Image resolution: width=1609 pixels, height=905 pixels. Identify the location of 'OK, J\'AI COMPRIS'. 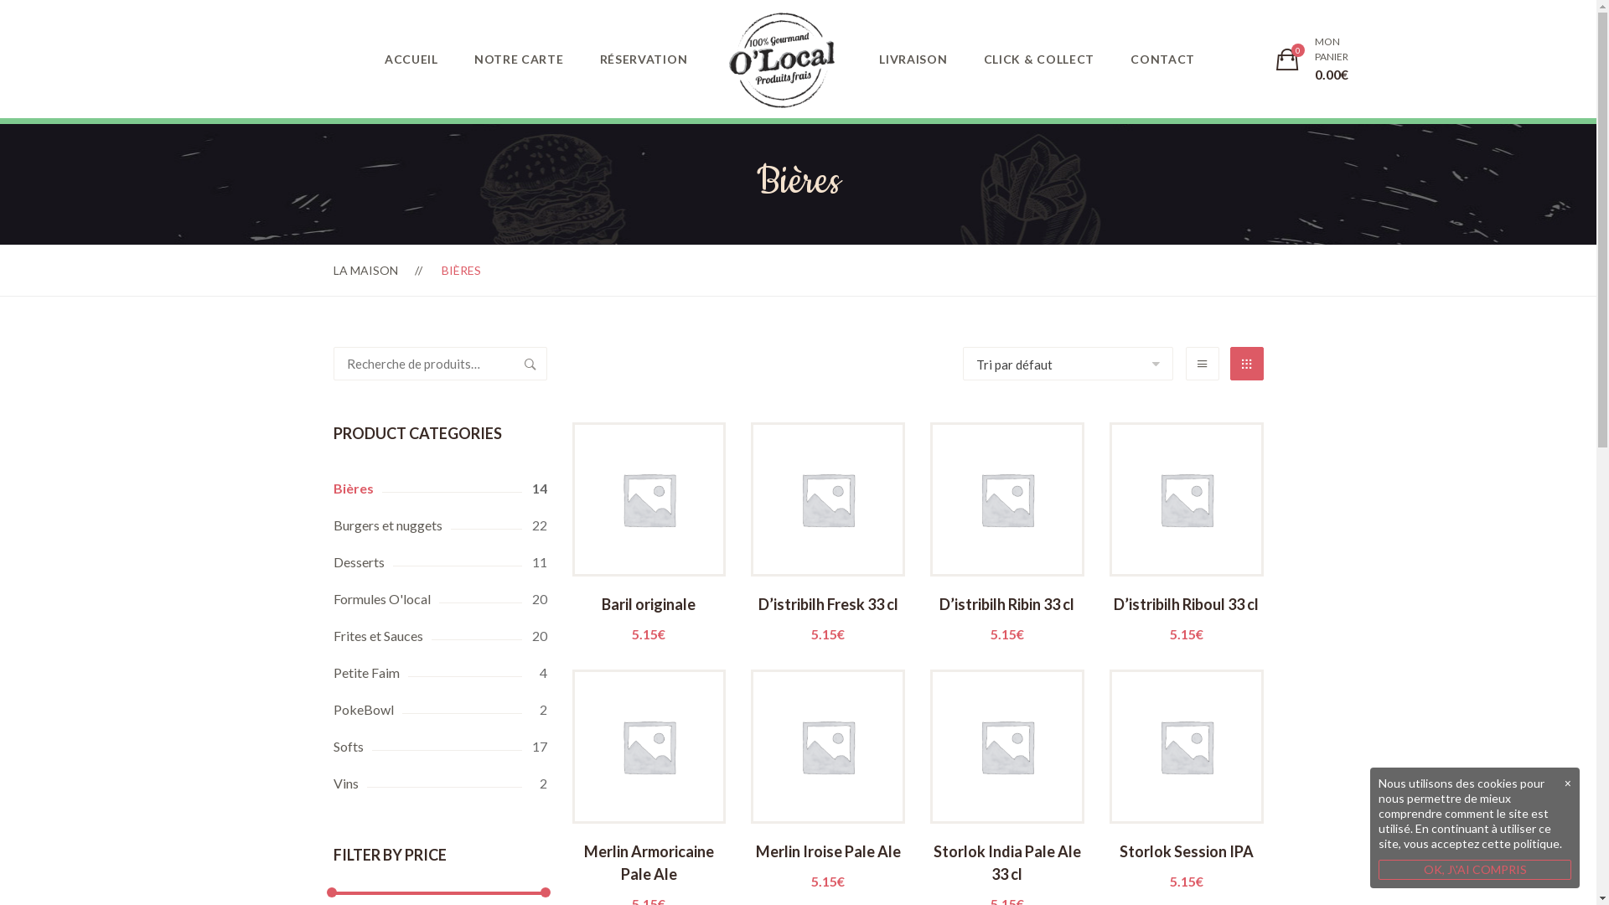
(1475, 868).